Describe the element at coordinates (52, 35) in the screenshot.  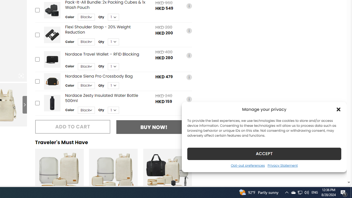
I see `'Flexi Shoulder Strap - 20% Weight Reduction'` at that location.